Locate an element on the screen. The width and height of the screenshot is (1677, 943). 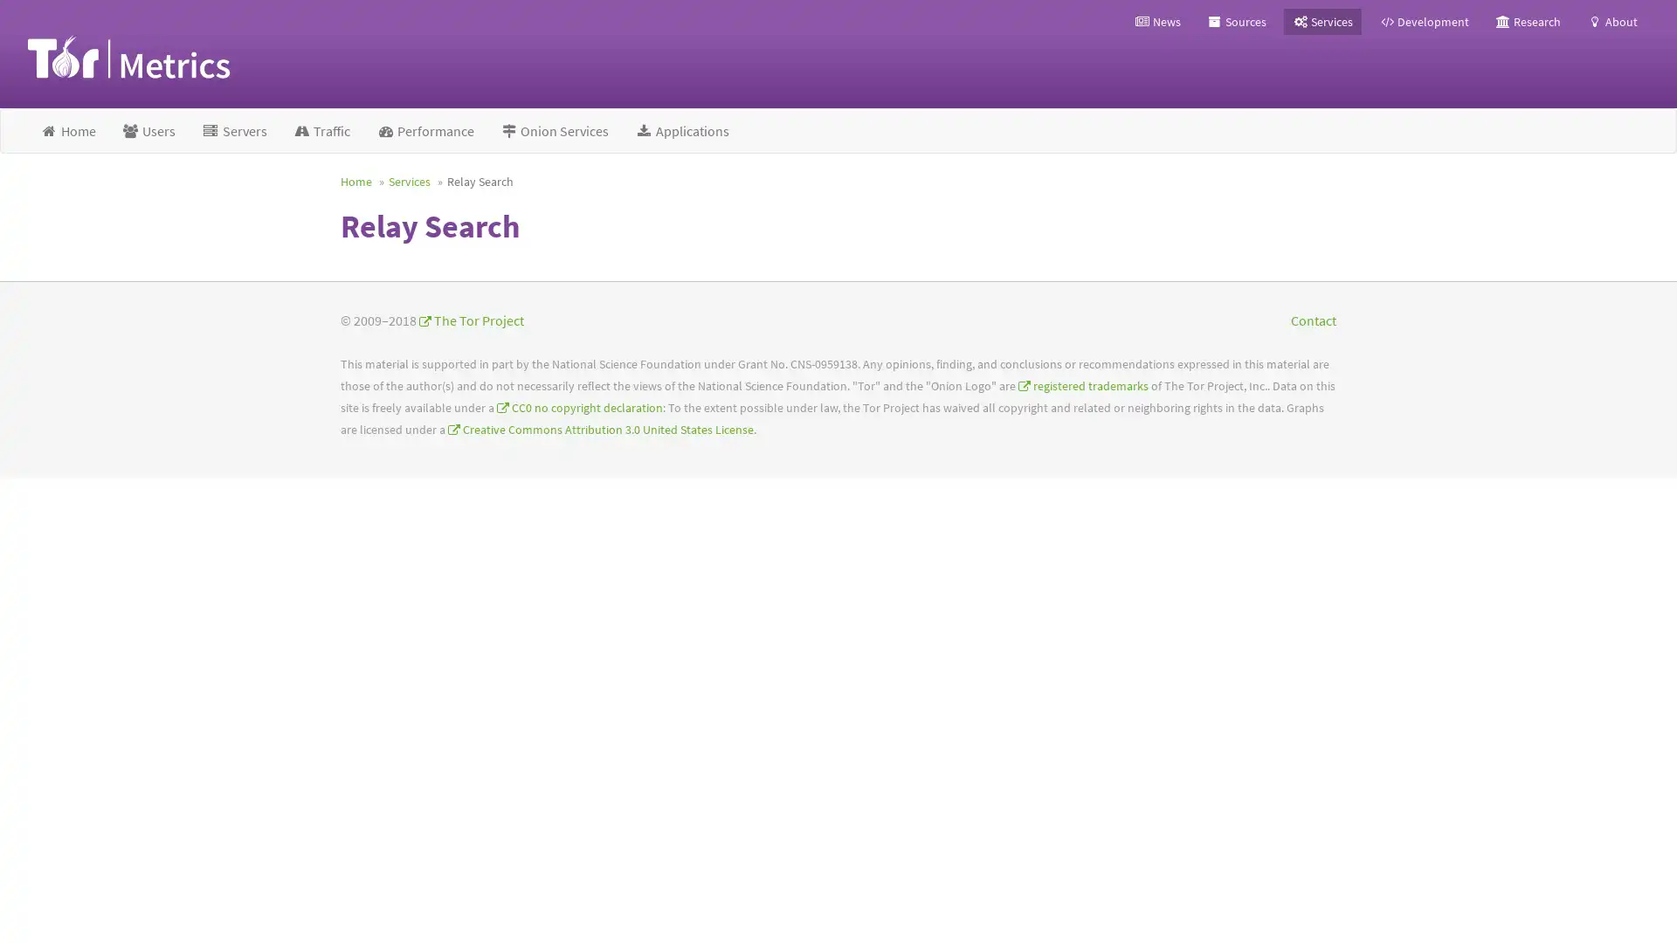
Search is located at coordinates (1227, 398).